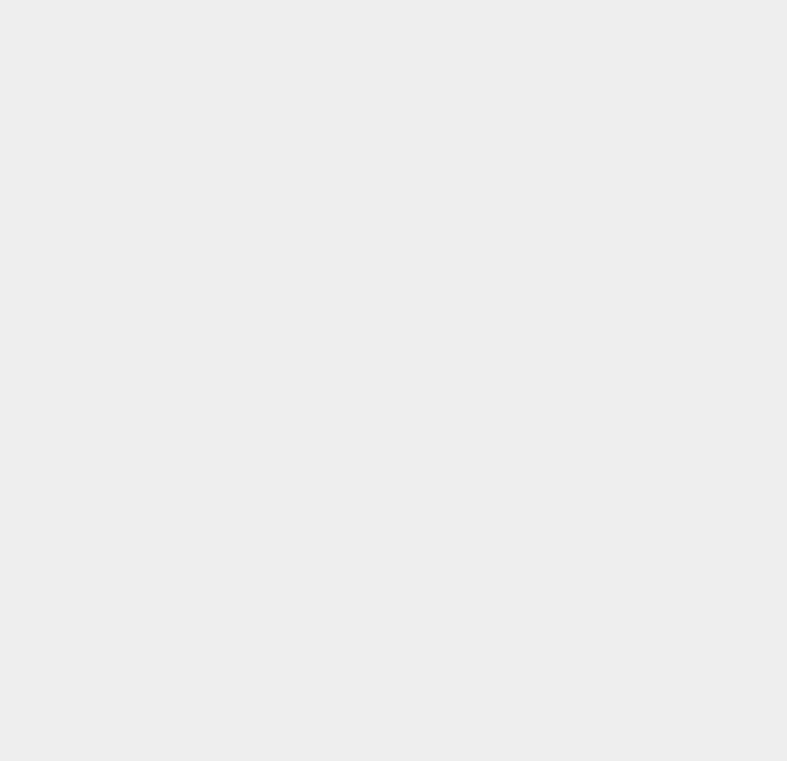 This screenshot has height=761, width=787. What do you see at coordinates (557, 461) in the screenshot?
I see `'Facebook Stocks'` at bounding box center [557, 461].